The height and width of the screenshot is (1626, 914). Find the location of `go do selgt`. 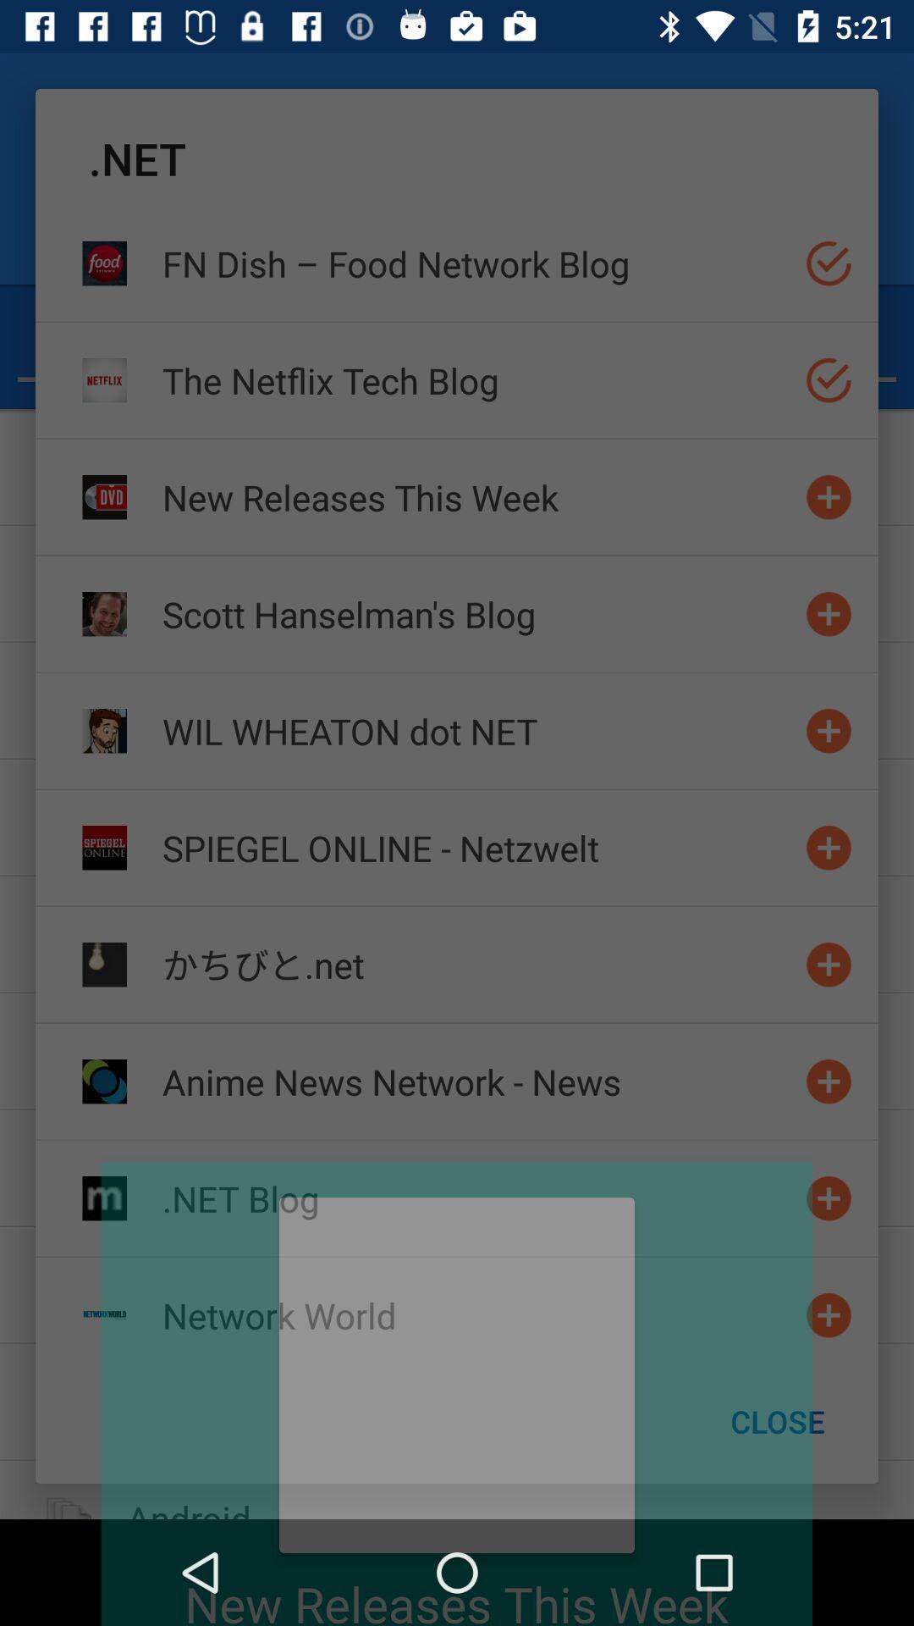

go do selgt is located at coordinates (828, 263).